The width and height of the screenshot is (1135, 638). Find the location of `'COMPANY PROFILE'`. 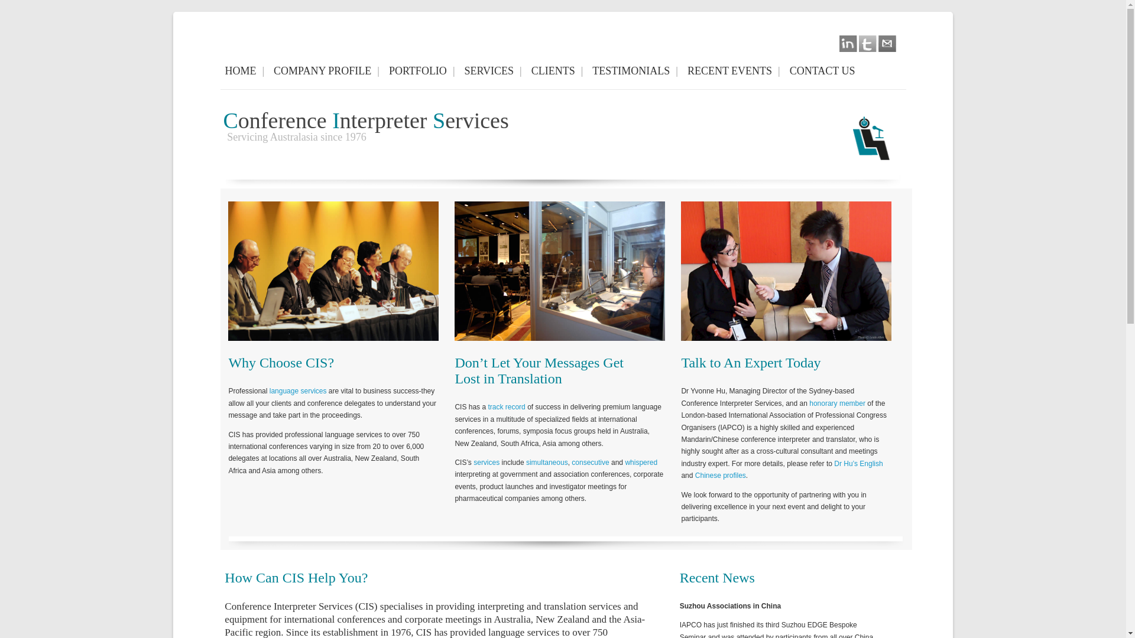

'COMPANY PROFILE' is located at coordinates (268, 71).